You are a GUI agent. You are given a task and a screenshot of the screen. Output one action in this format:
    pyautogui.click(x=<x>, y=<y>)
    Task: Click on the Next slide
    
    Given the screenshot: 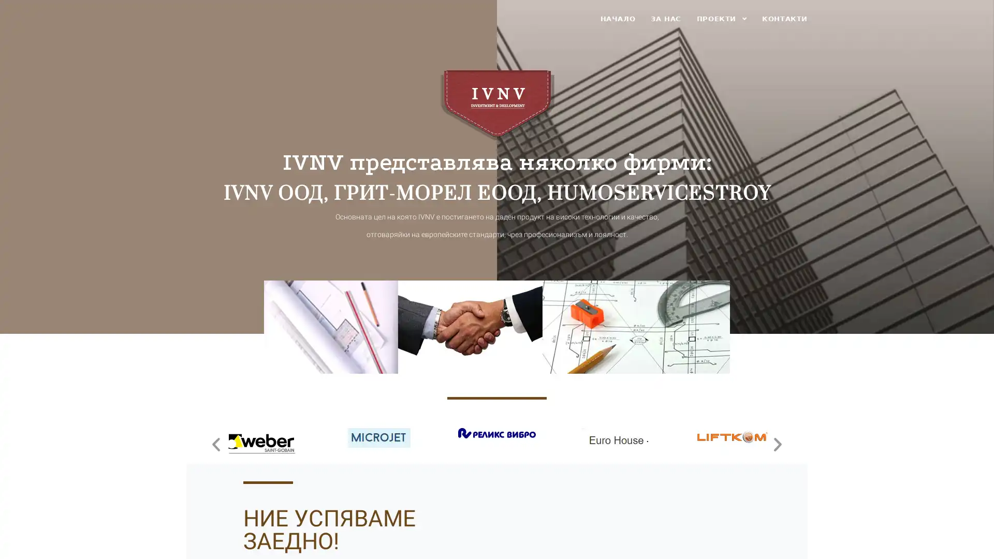 What is the action you would take?
    pyautogui.click(x=778, y=443)
    